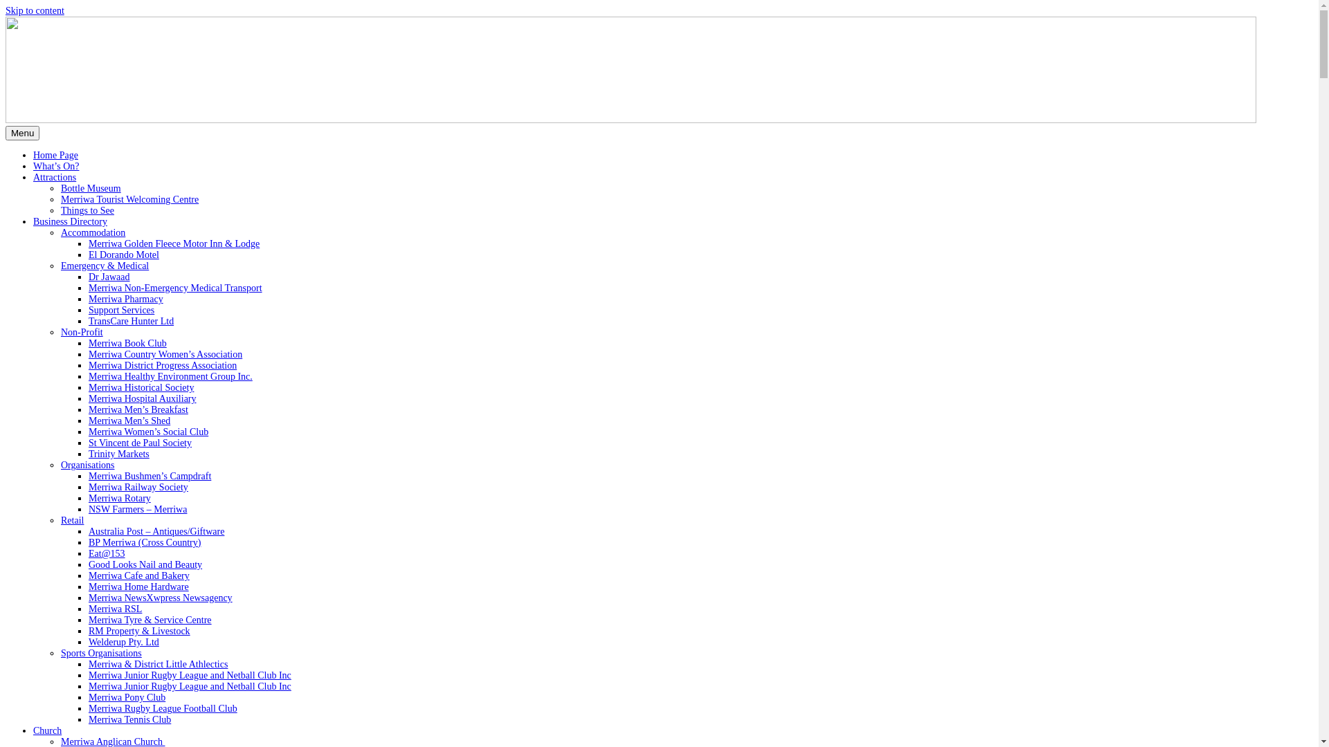 The image size is (1329, 747). Describe the element at coordinates (160, 597) in the screenshot. I see `'Merriwa NewsXwpress Newsagency'` at that location.